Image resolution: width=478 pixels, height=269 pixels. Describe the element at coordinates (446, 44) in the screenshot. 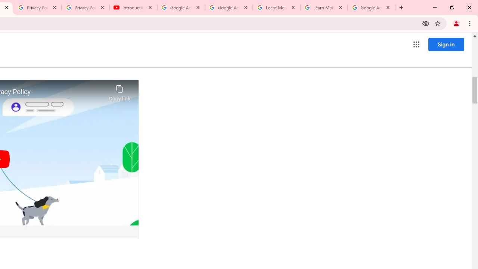

I see `'Sign in'` at that location.